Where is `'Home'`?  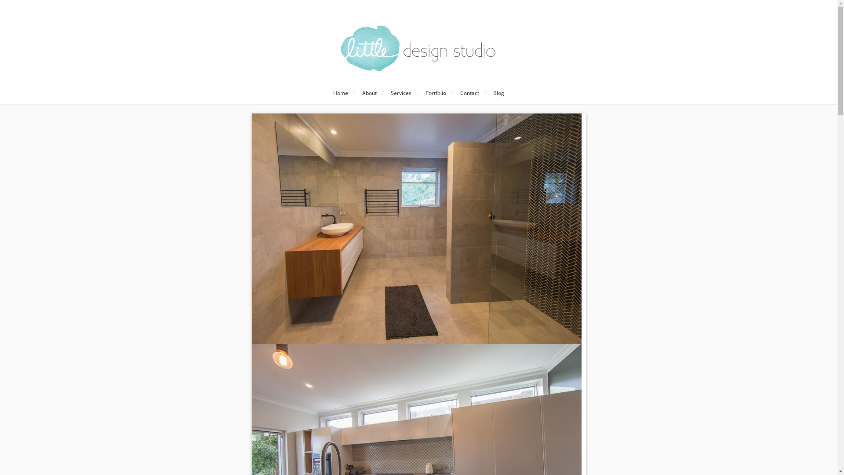
'Home' is located at coordinates (327, 93).